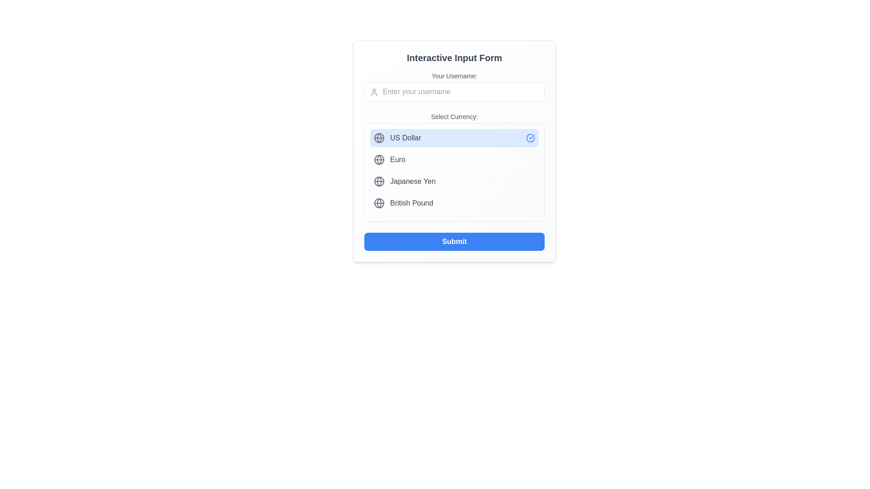  I want to click on the decorative SVG shape that represents the globe icon for the 'Japanese Yen' currency entry in the list of currency options, so click(379, 182).